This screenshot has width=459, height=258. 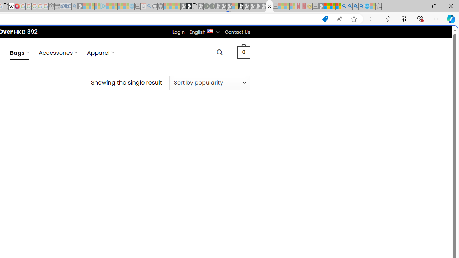 I want to click on 'This site has coupons! Shopping in Microsoft Edge', so click(x=325, y=19).